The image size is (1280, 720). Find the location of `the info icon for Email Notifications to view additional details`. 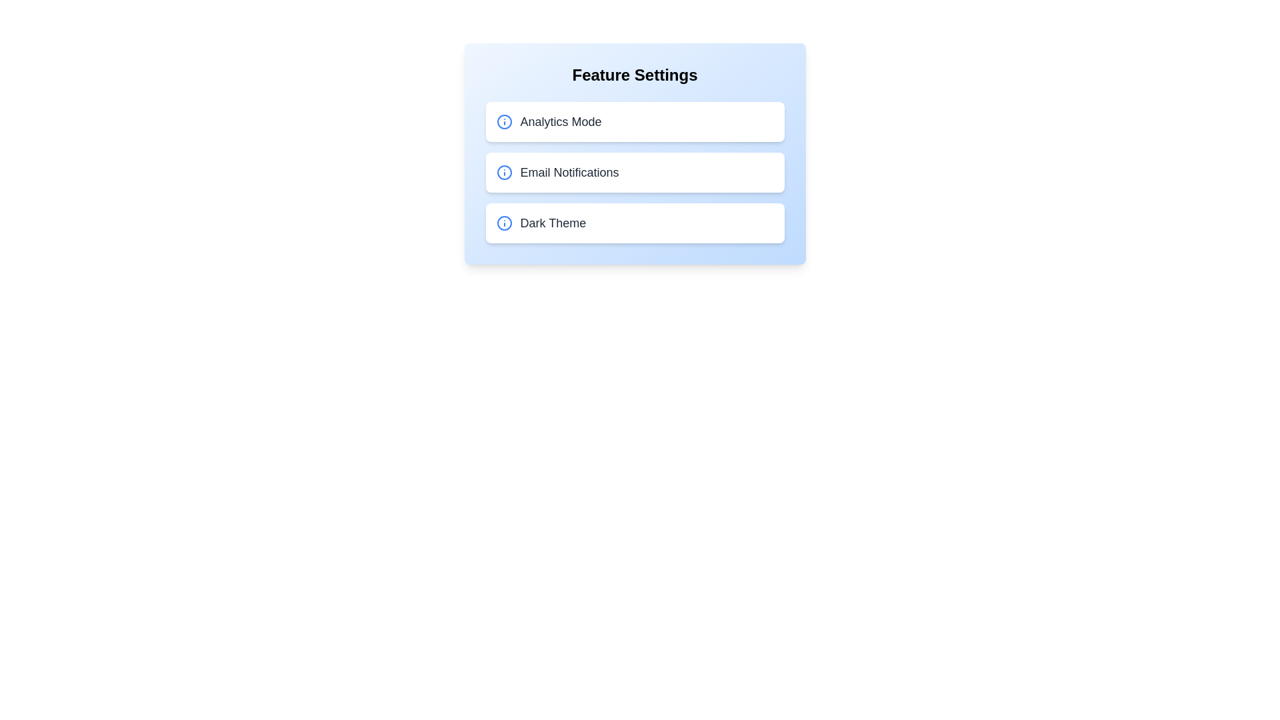

the info icon for Email Notifications to view additional details is located at coordinates (503, 171).